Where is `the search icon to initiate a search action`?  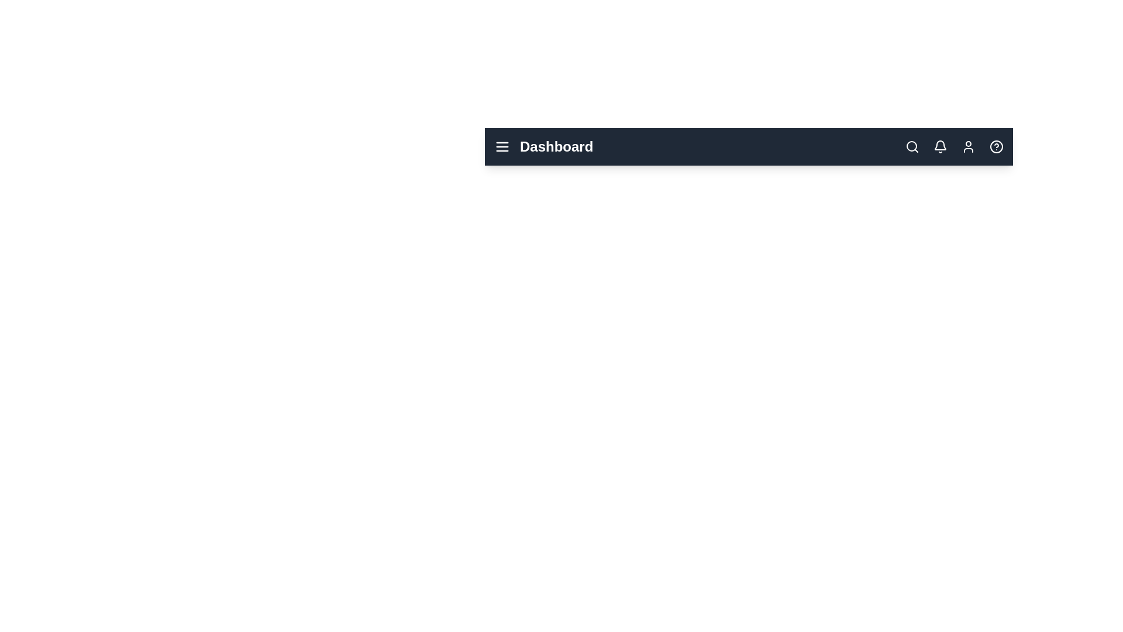 the search icon to initiate a search action is located at coordinates (912, 146).